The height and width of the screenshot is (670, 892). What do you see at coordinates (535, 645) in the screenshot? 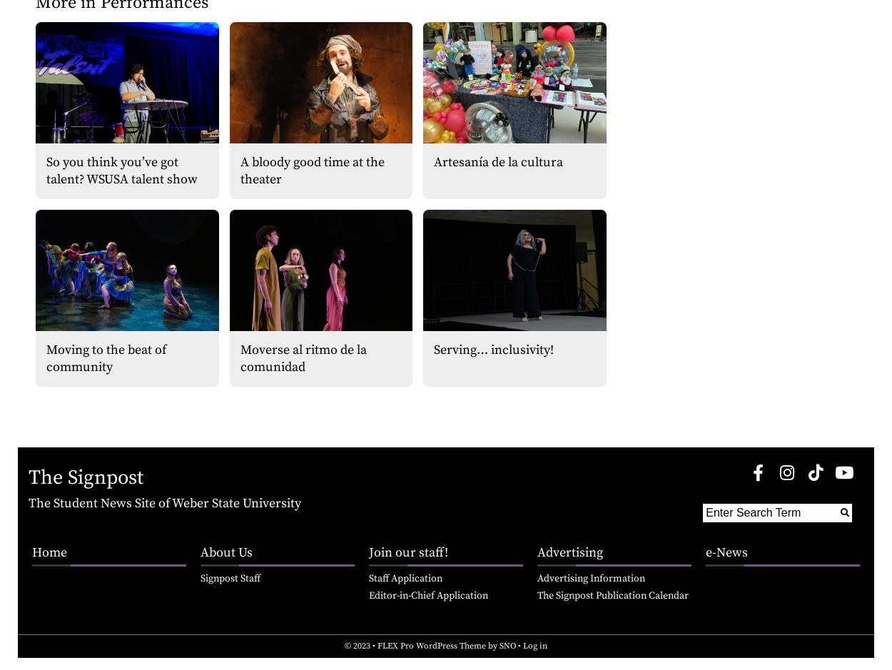
I see `'Log in'` at bounding box center [535, 645].